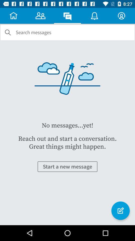 This screenshot has width=135, height=241. What do you see at coordinates (7, 32) in the screenshot?
I see `the  icon which is left to the text search messages` at bounding box center [7, 32].